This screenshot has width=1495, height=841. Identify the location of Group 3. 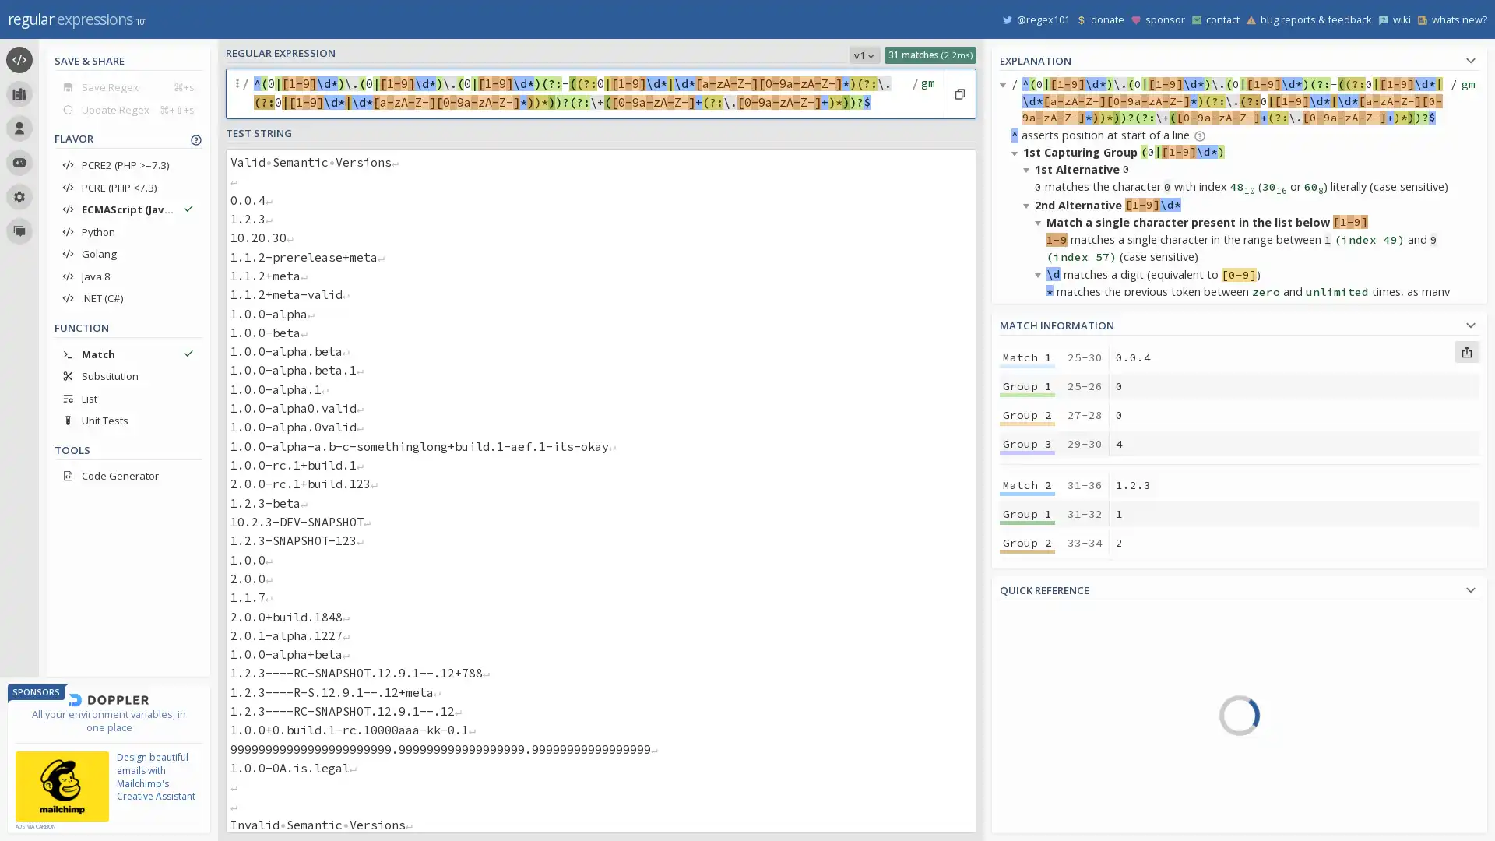
(1027, 571).